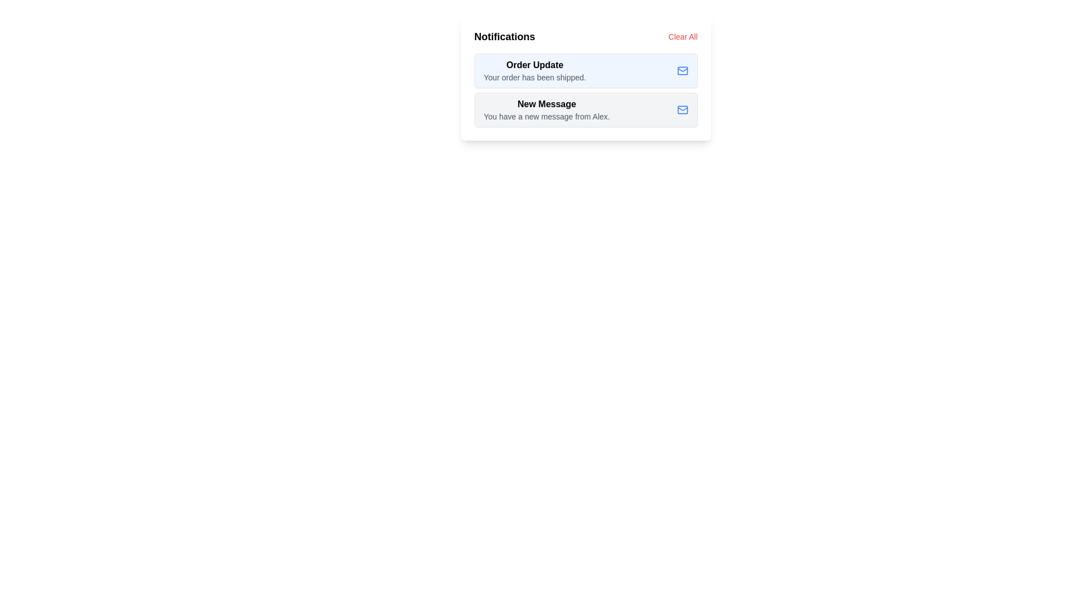 Image resolution: width=1072 pixels, height=603 pixels. I want to click on the hollow rectangular SVG element with rounded corners located within the notification box aligned with the 'Order Update' text, so click(682, 71).